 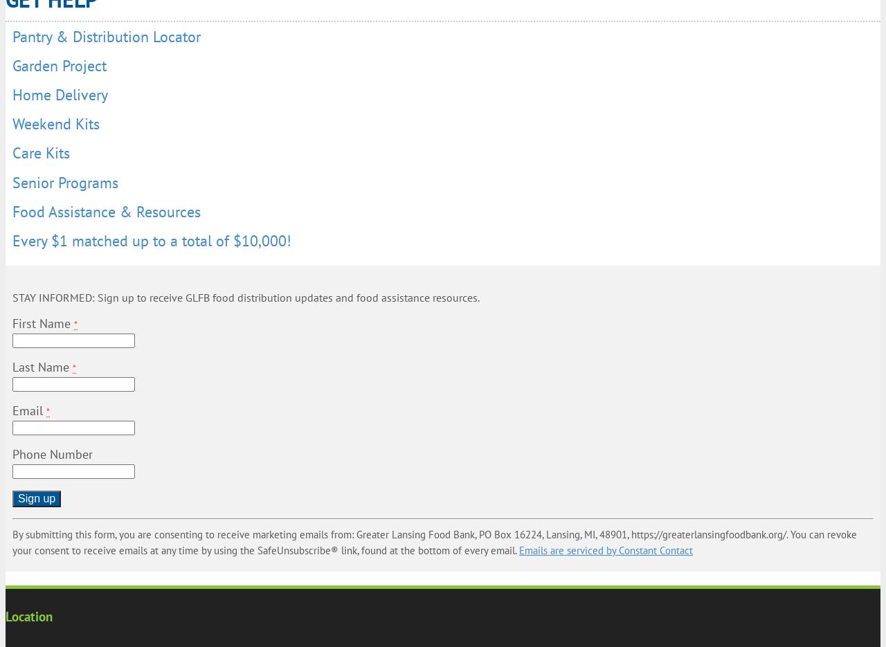 What do you see at coordinates (59, 64) in the screenshot?
I see `'Garden Project'` at bounding box center [59, 64].